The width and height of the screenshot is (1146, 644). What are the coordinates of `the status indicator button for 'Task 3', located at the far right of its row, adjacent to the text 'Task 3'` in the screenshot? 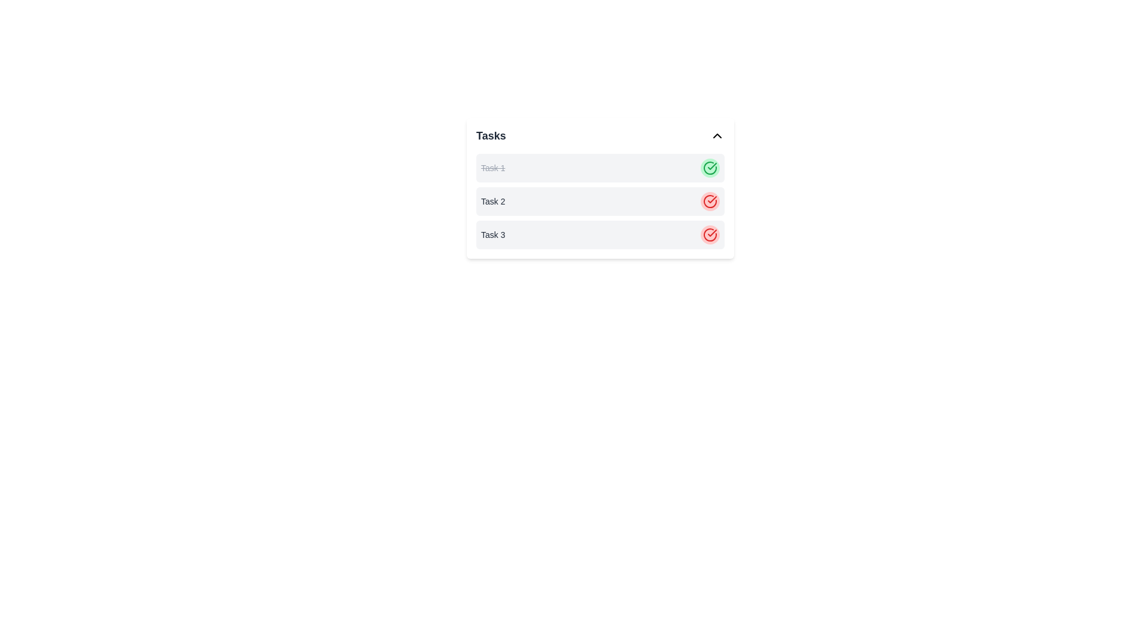 It's located at (710, 234).